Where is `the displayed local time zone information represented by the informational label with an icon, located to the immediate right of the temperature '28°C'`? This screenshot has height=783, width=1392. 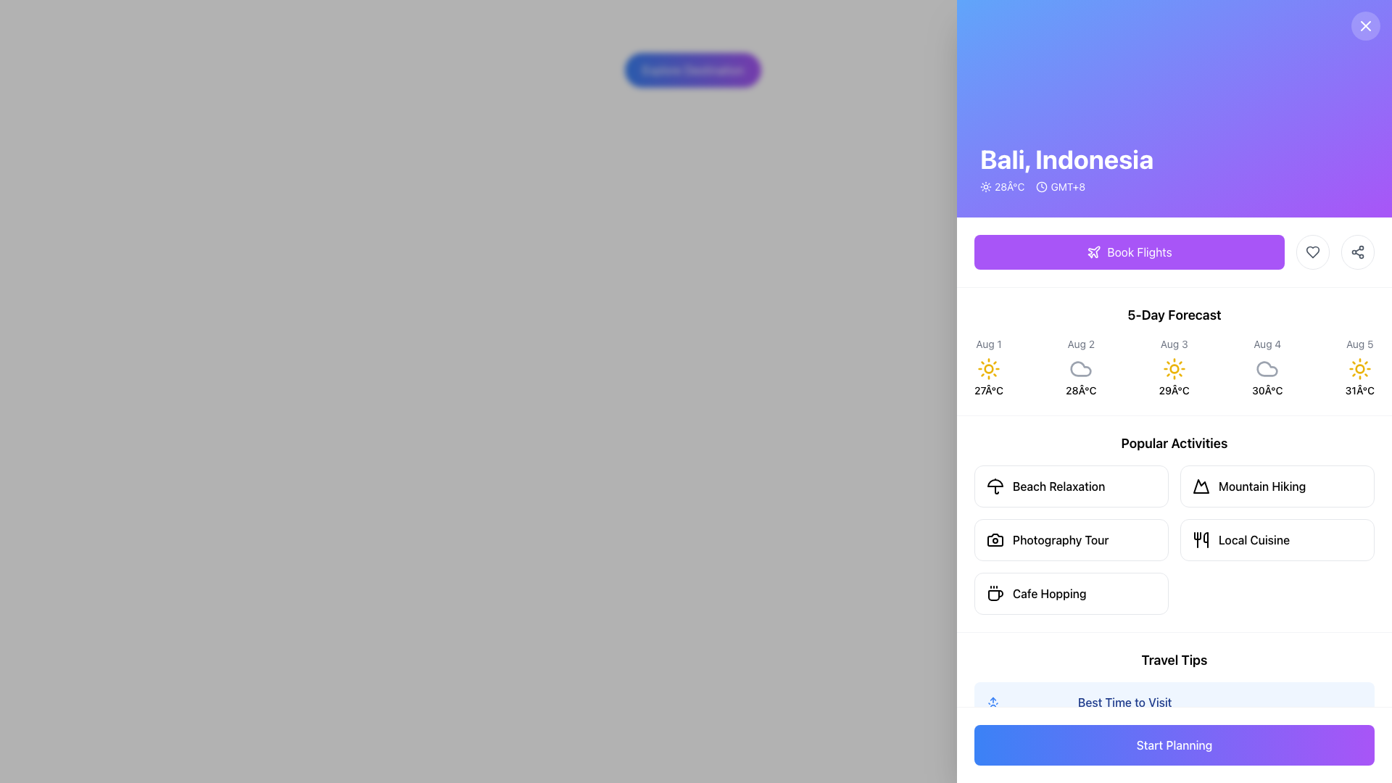
the displayed local time zone information represented by the informational label with an icon, located to the immediate right of the temperature '28°C' is located at coordinates (1061, 186).